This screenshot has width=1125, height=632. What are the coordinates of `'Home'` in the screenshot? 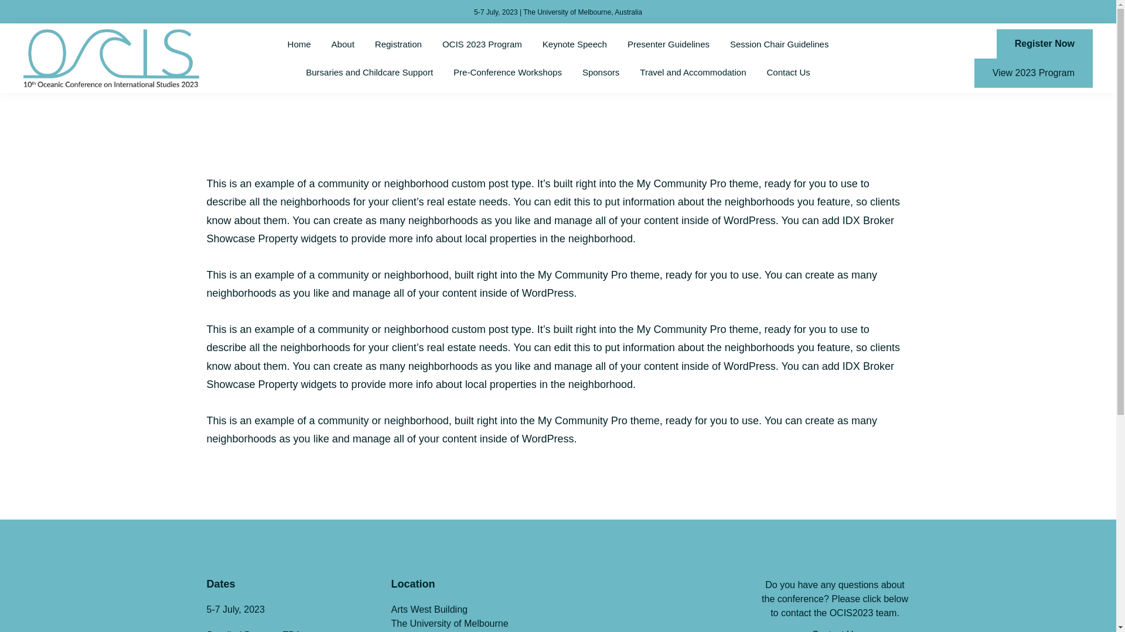 It's located at (299, 44).